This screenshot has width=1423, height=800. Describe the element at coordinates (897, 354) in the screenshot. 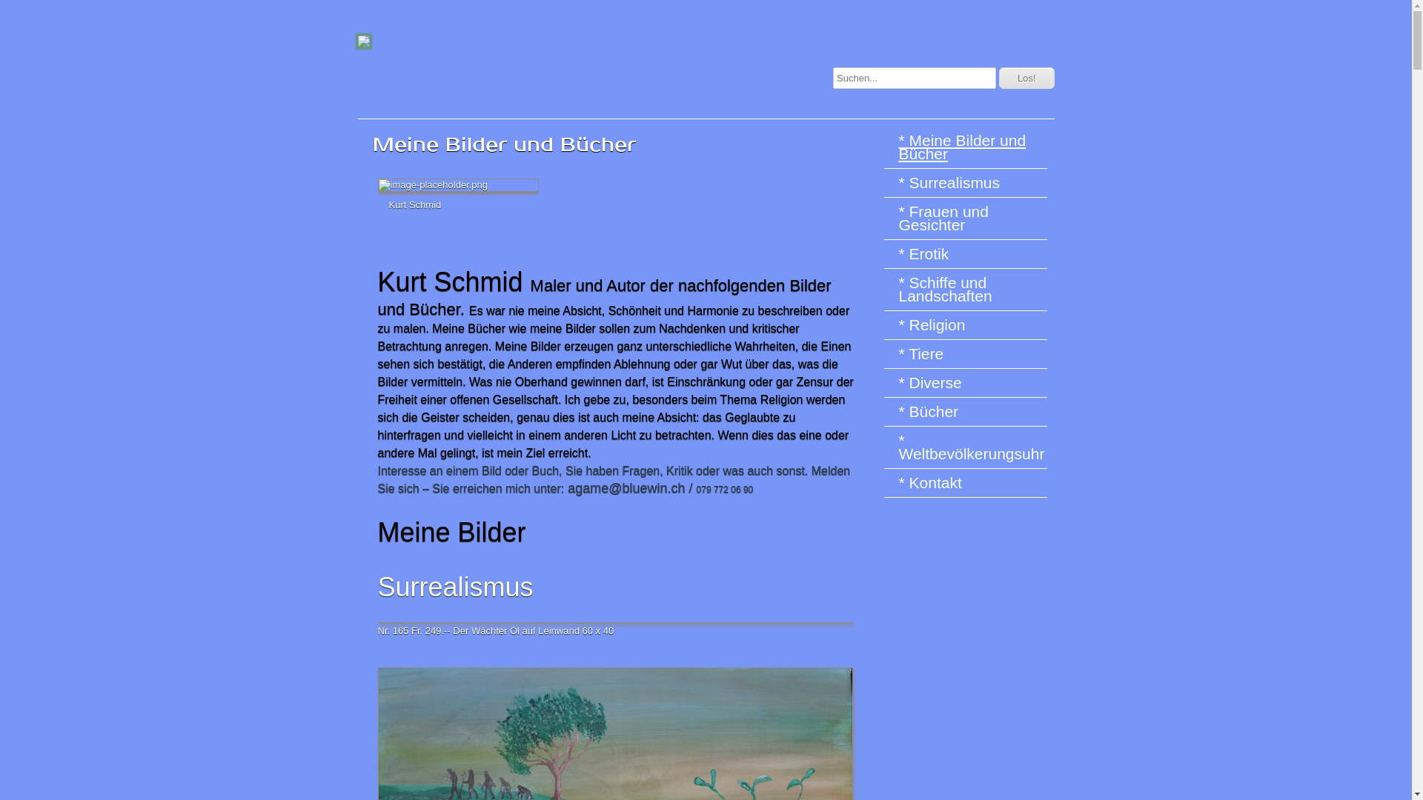

I see `'Tiere'` at that location.